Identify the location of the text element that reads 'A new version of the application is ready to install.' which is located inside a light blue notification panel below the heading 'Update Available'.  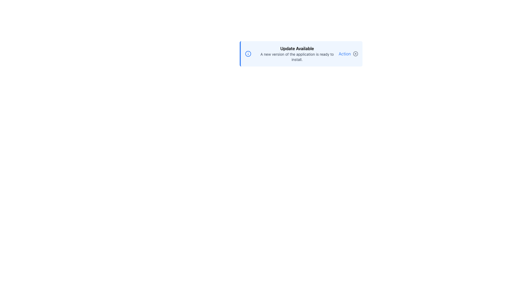
(297, 57).